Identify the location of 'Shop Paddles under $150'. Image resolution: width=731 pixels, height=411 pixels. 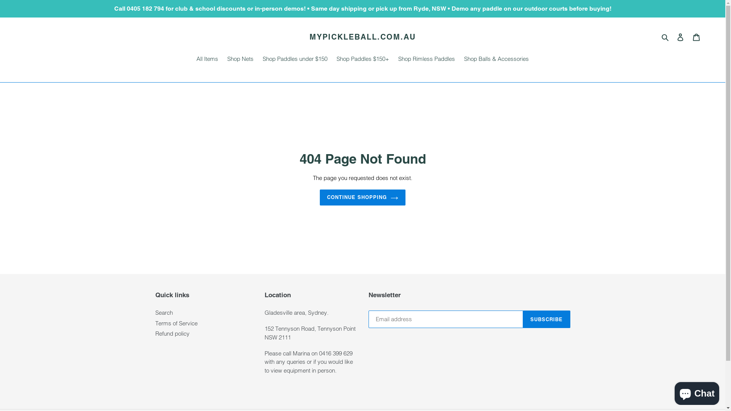
(294, 59).